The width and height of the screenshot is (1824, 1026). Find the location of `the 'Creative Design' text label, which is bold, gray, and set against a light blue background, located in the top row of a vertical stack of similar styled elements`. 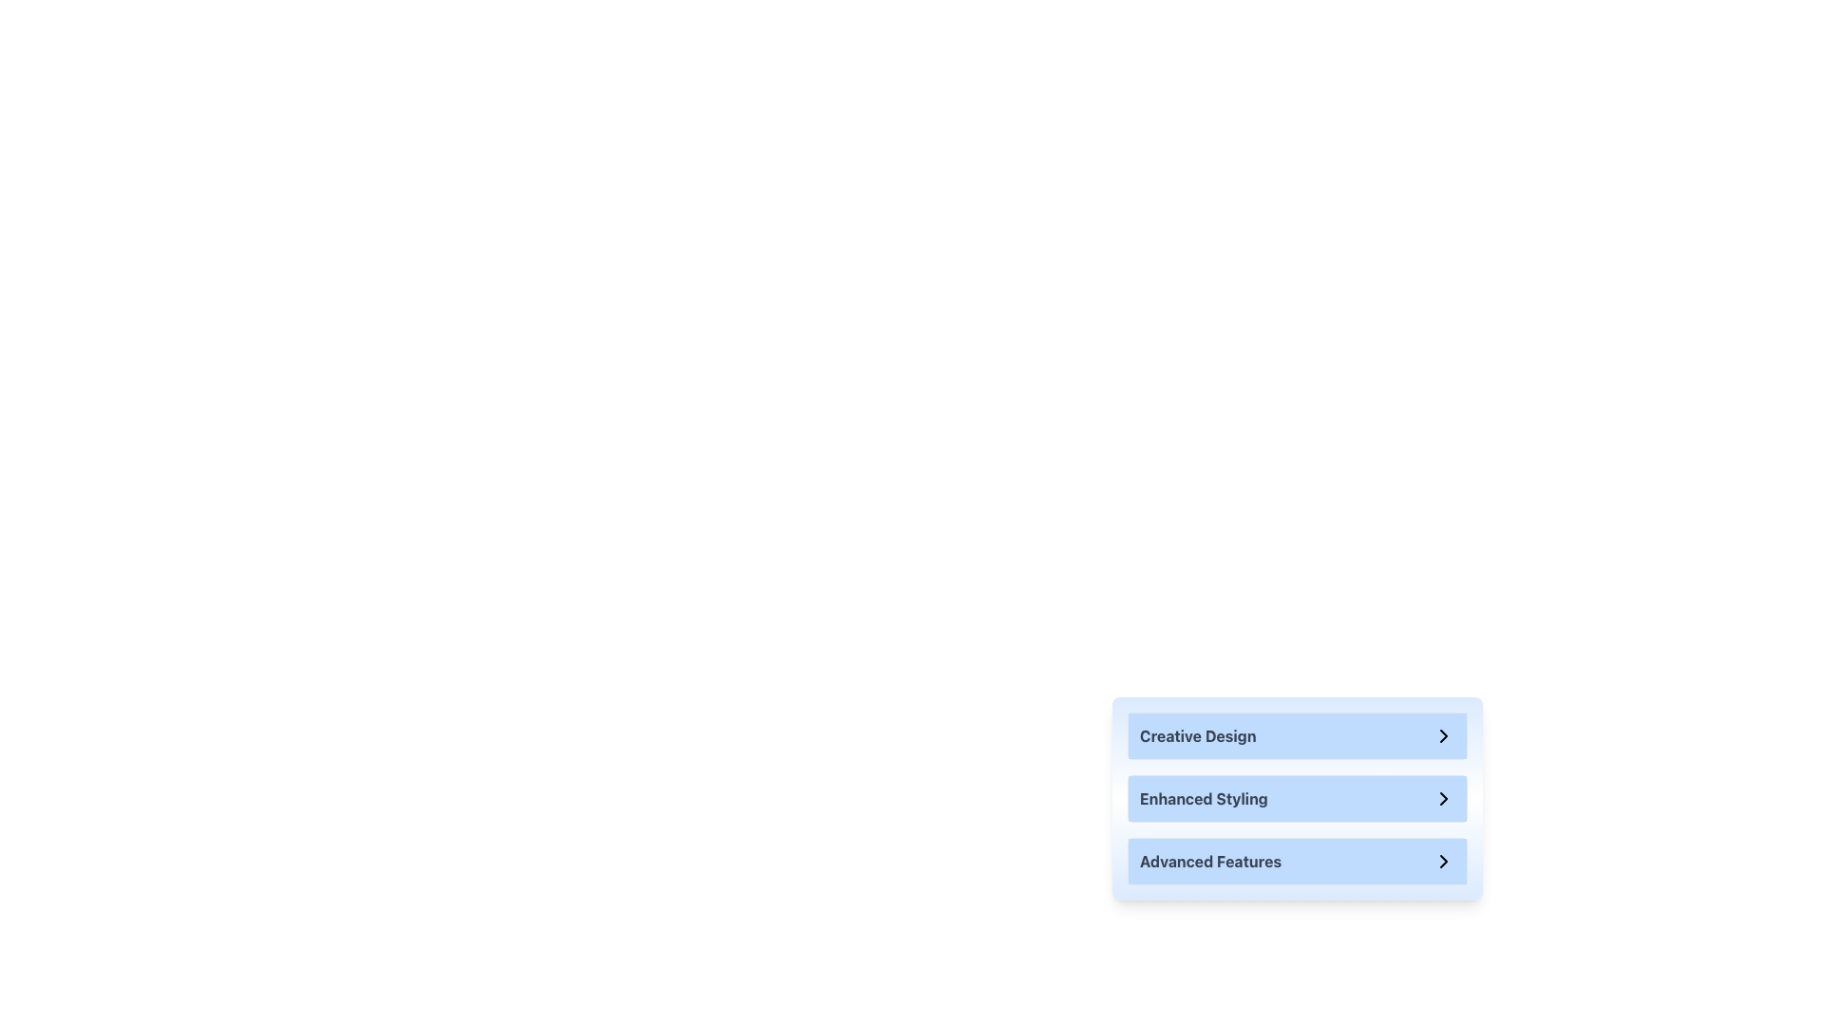

the 'Creative Design' text label, which is bold, gray, and set against a light blue background, located in the top row of a vertical stack of similar styled elements is located at coordinates (1197, 735).